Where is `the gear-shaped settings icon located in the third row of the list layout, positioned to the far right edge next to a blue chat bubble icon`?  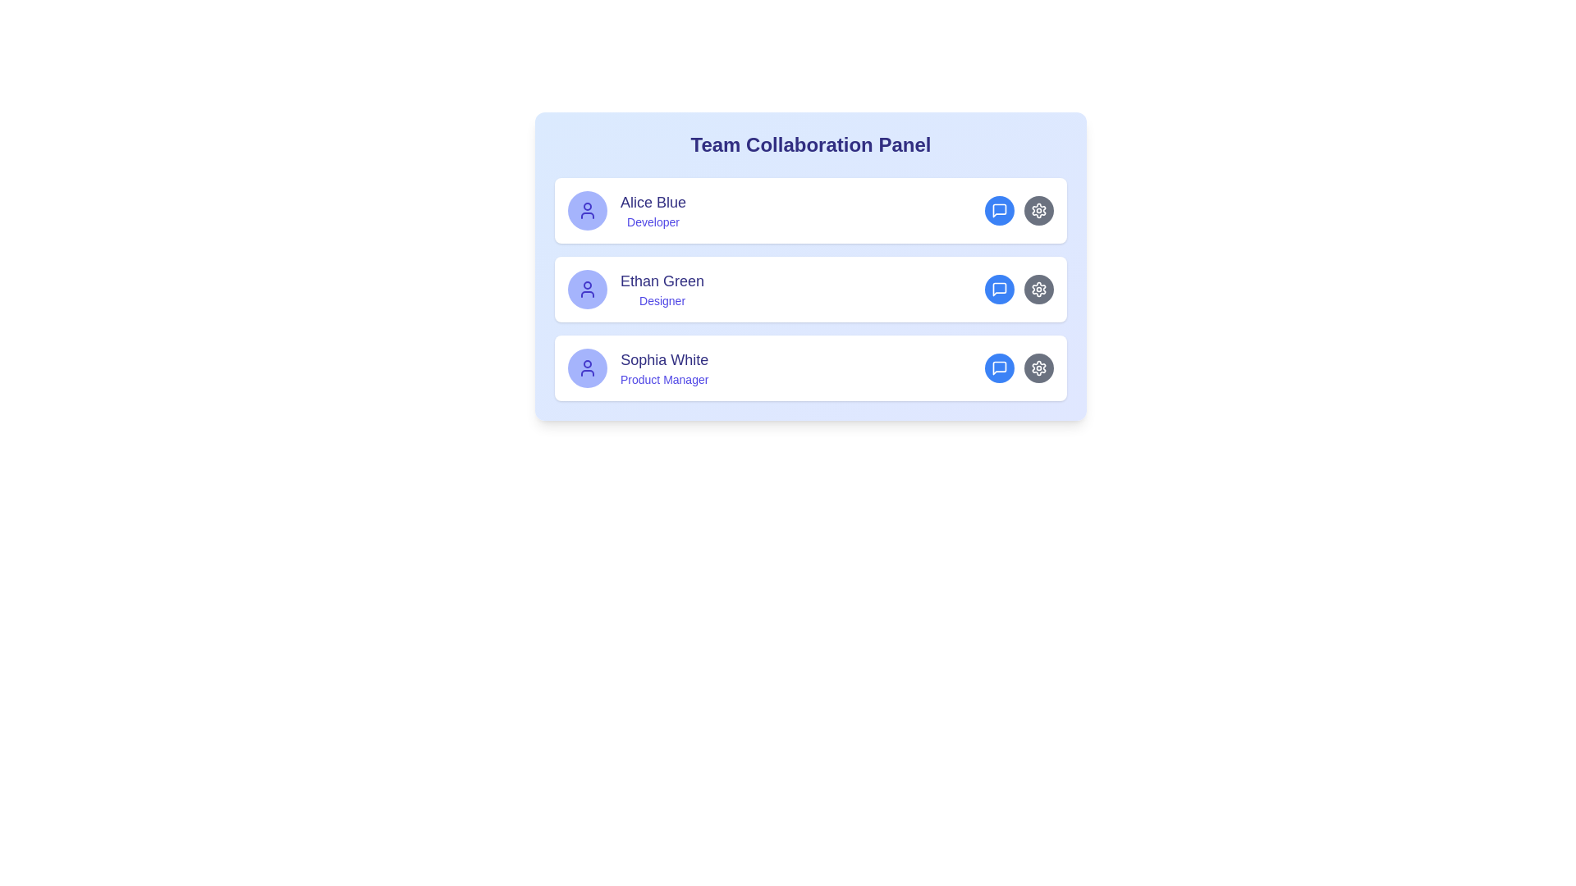
the gear-shaped settings icon located in the third row of the list layout, positioned to the far right edge next to a blue chat bubble icon is located at coordinates (1038, 367).